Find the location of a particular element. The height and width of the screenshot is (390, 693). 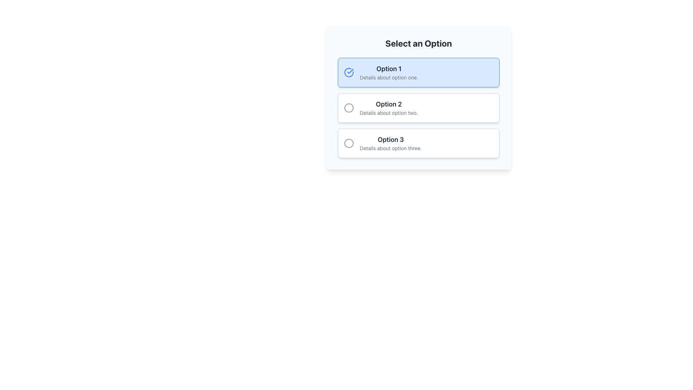

the title text of the third selectable option in the interface, located between 'Option 2' and 'Details about option three.' is located at coordinates (390, 139).